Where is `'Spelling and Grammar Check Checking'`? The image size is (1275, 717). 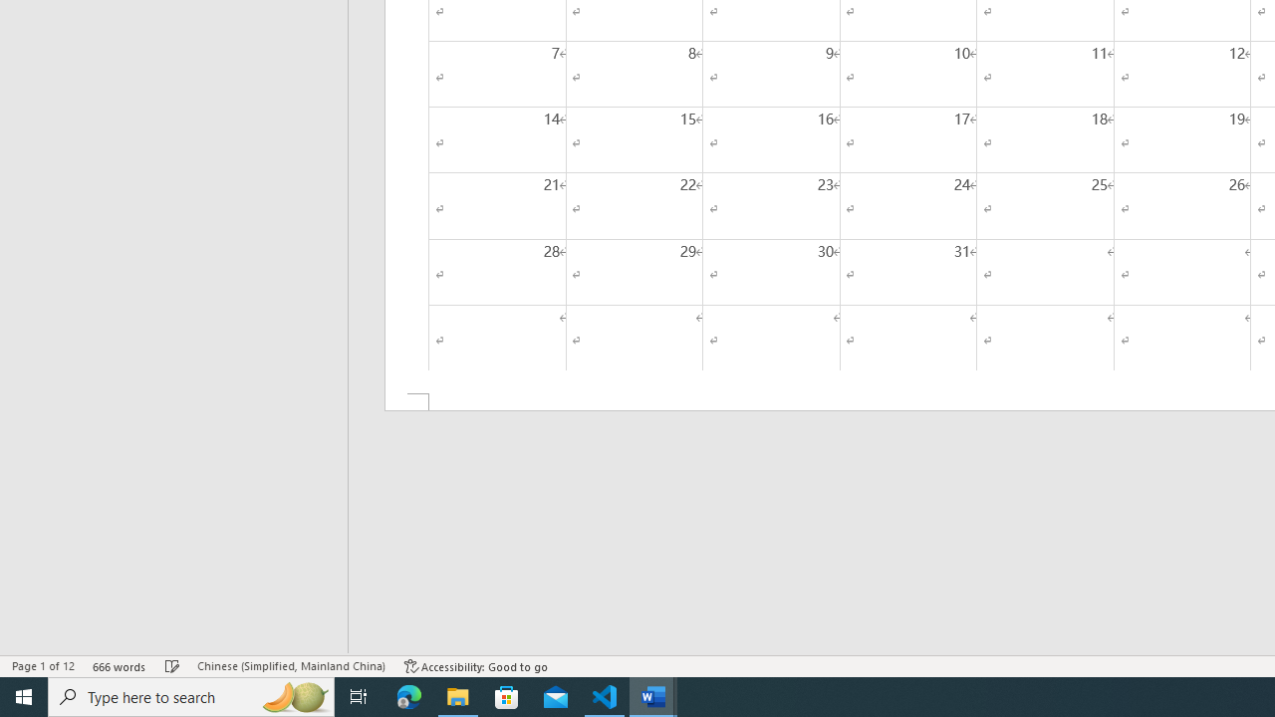
'Spelling and Grammar Check Checking' is located at coordinates (172, 666).